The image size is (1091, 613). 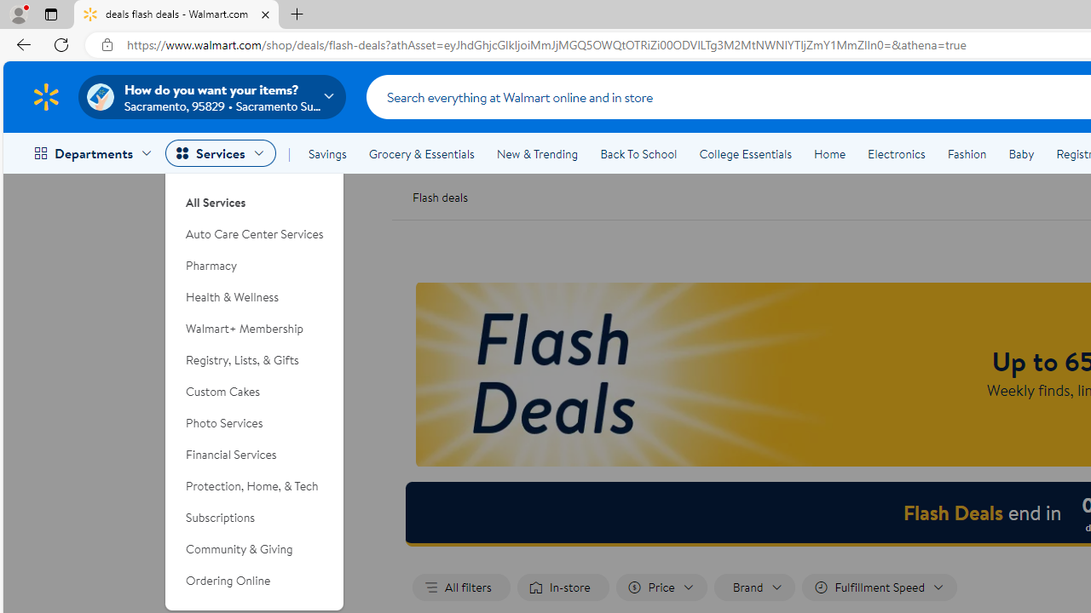 I want to click on 'Back To School', so click(x=638, y=154).